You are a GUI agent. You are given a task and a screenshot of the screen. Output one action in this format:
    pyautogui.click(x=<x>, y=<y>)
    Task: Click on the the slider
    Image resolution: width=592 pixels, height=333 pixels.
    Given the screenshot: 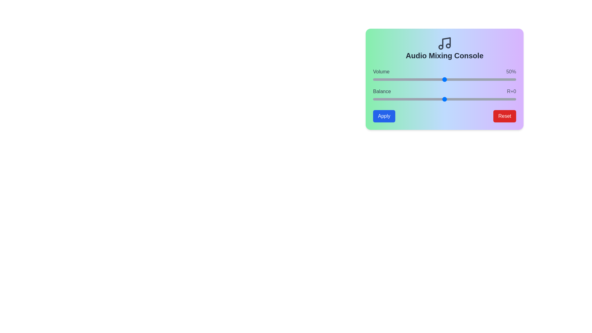 What is the action you would take?
    pyautogui.click(x=401, y=79)
    